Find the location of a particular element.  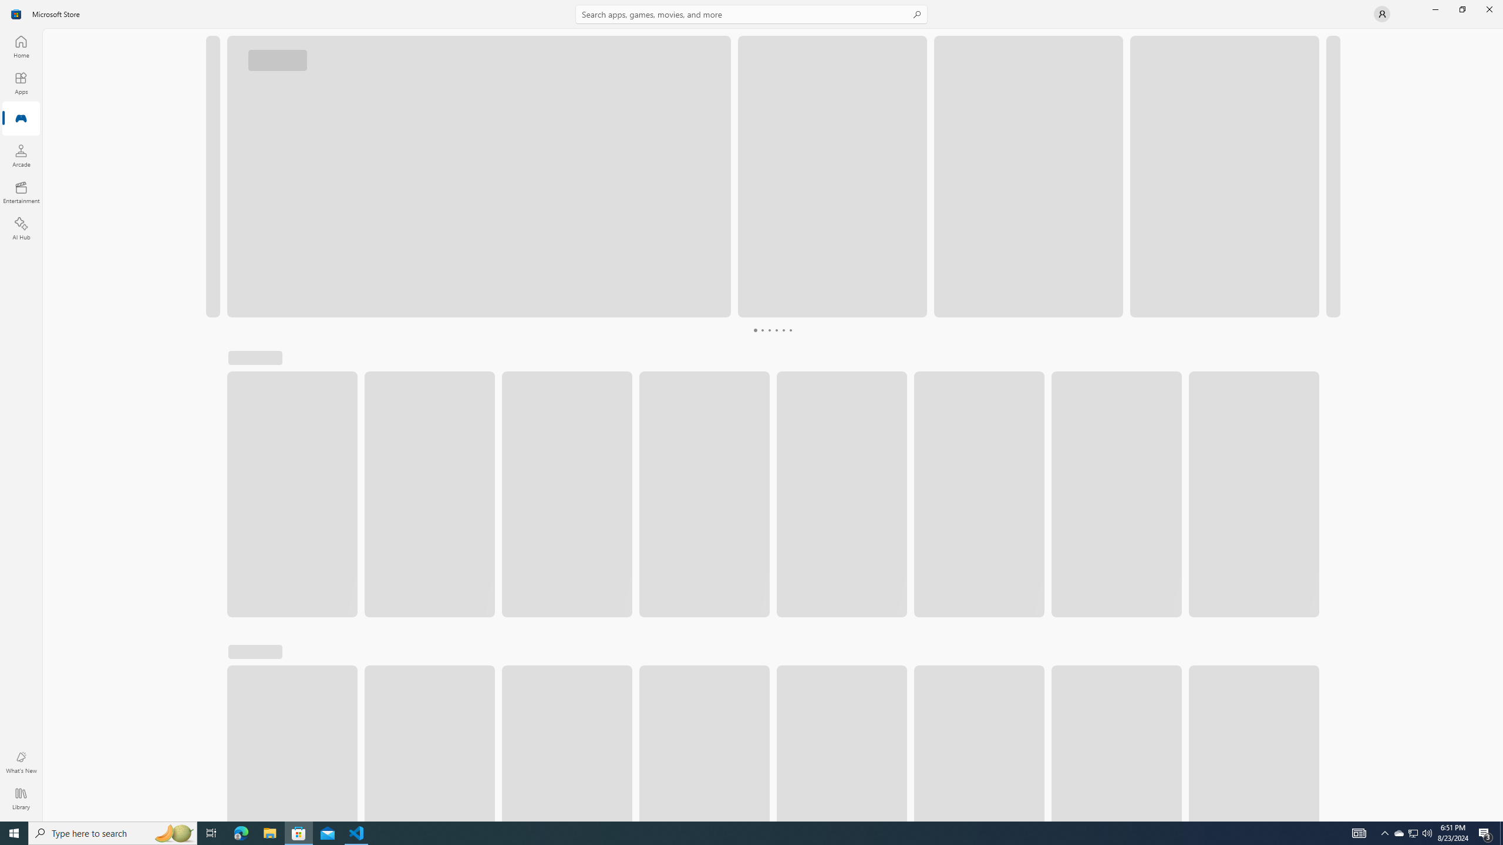

'Entertainment' is located at coordinates (20, 191).